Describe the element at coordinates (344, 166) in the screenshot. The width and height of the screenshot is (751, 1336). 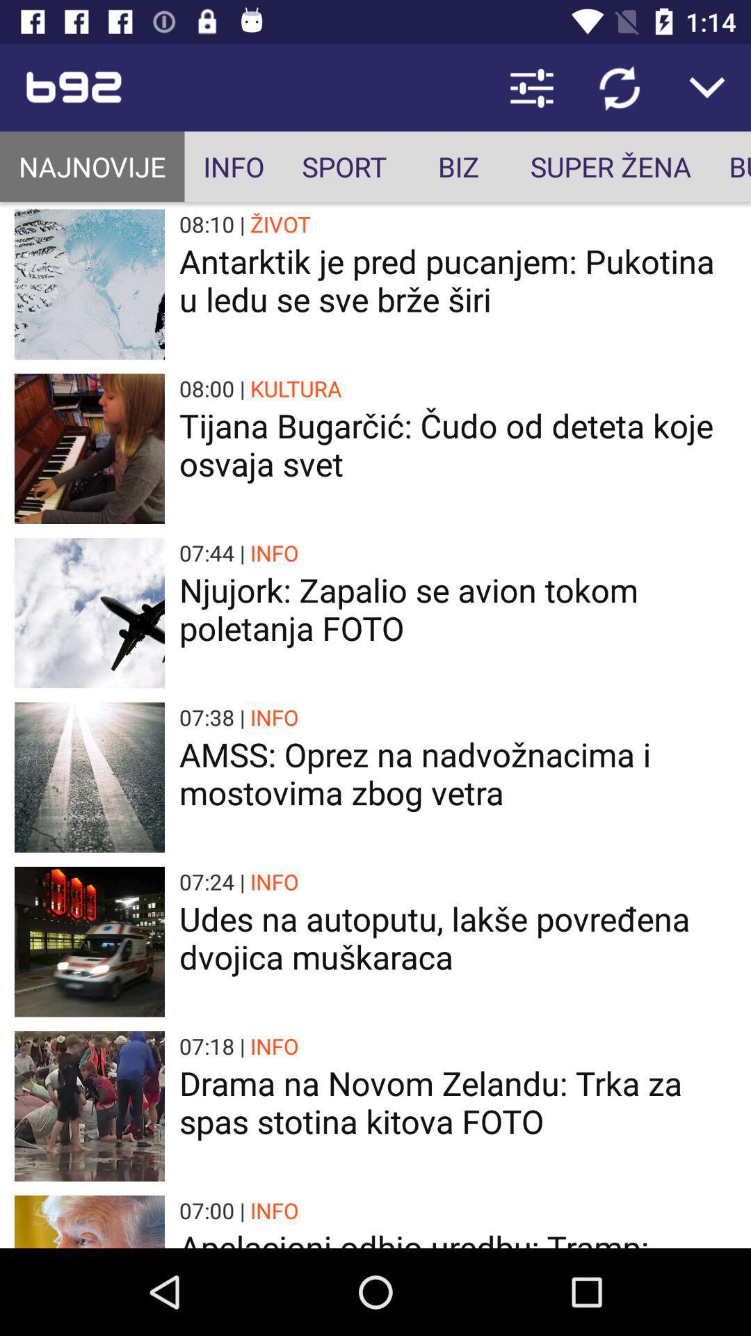
I see `icon to the right of the info icon` at that location.